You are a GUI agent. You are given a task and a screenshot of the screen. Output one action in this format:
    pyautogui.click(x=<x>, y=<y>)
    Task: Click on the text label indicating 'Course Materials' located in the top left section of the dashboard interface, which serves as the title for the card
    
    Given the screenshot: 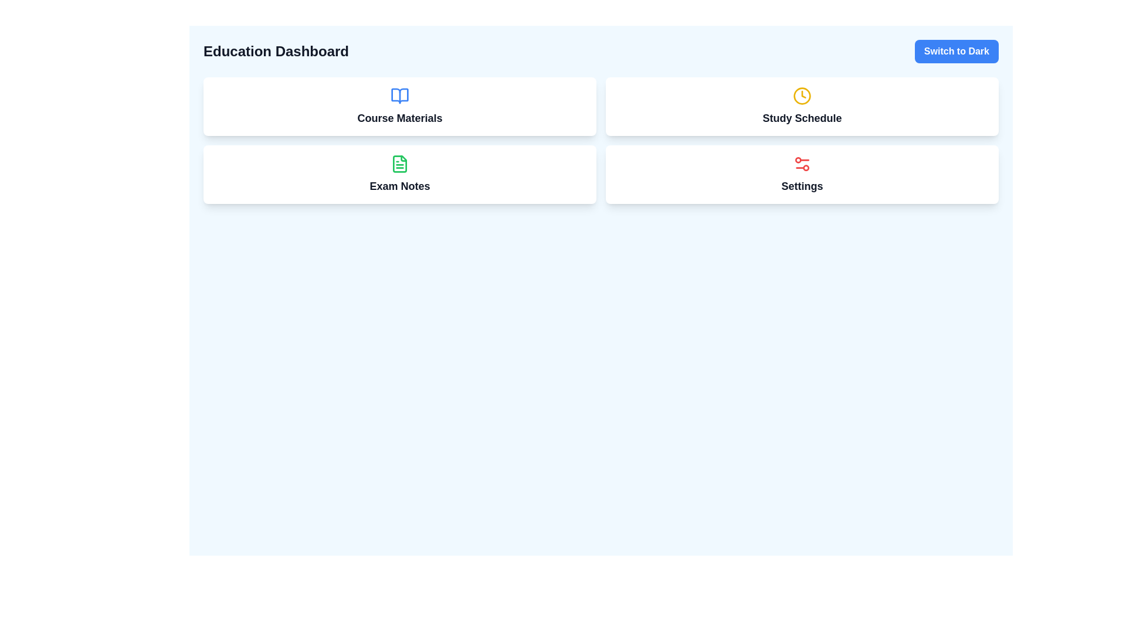 What is the action you would take?
    pyautogui.click(x=399, y=118)
    